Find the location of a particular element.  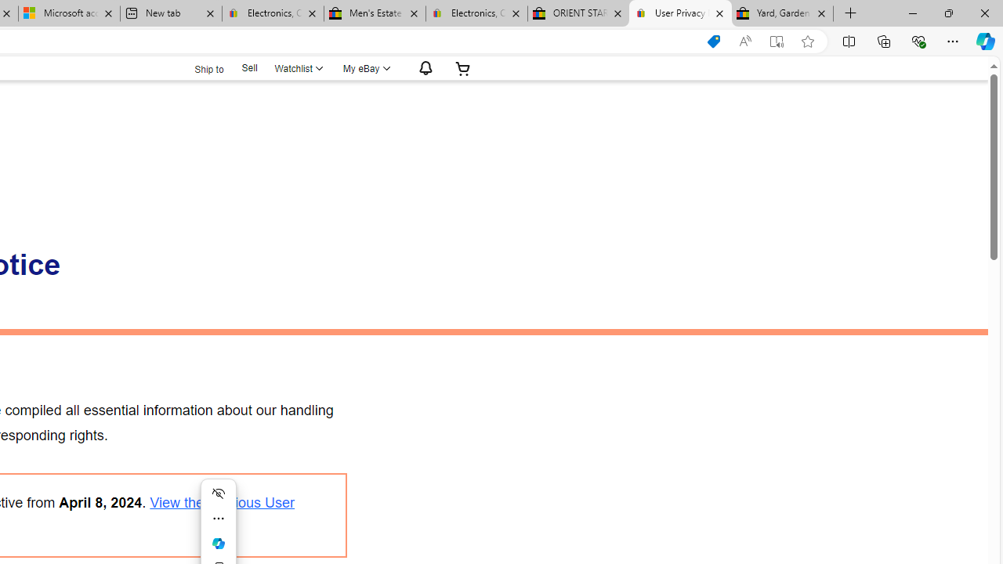

'Ask Copilot' is located at coordinates (218, 543).